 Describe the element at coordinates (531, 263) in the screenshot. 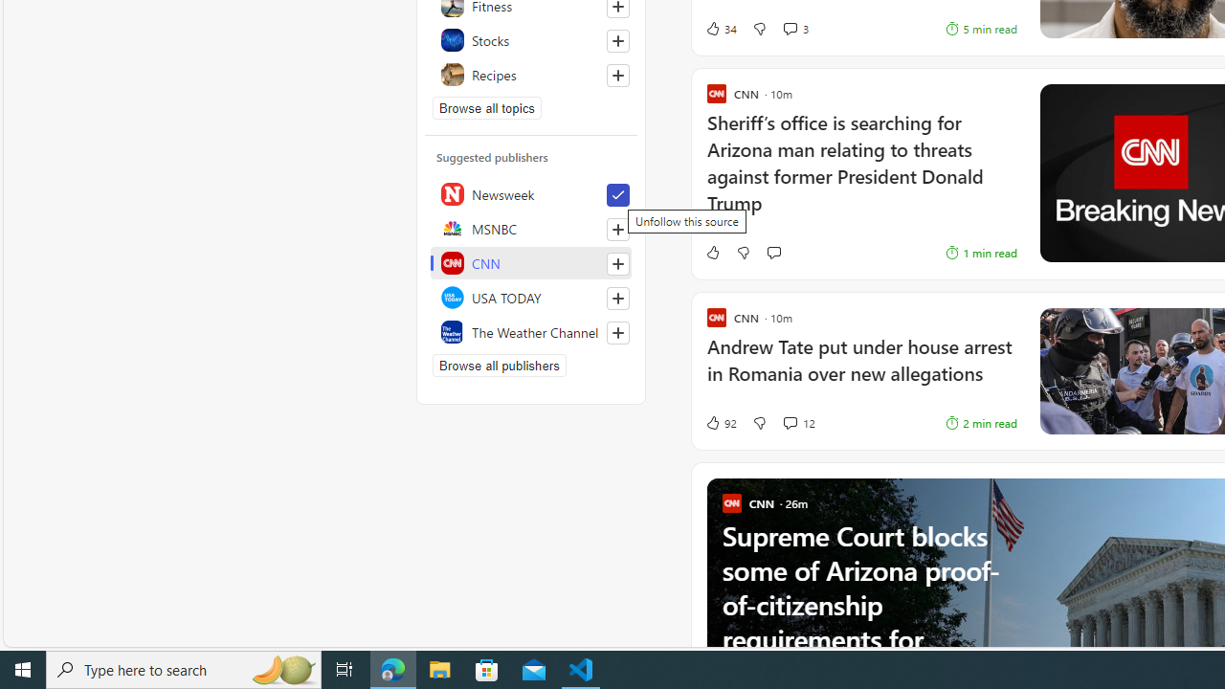

I see `'CNN'` at that location.